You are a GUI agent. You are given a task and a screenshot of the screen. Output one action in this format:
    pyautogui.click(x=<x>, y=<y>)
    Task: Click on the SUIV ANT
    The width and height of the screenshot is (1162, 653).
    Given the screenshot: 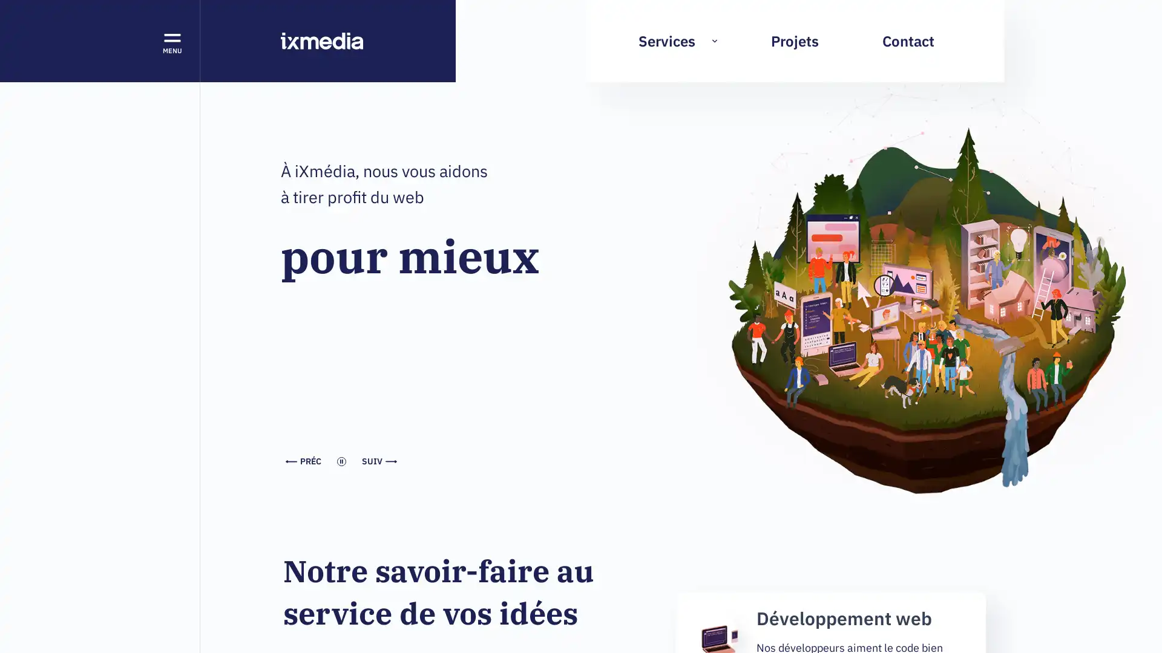 What is the action you would take?
    pyautogui.click(x=379, y=461)
    